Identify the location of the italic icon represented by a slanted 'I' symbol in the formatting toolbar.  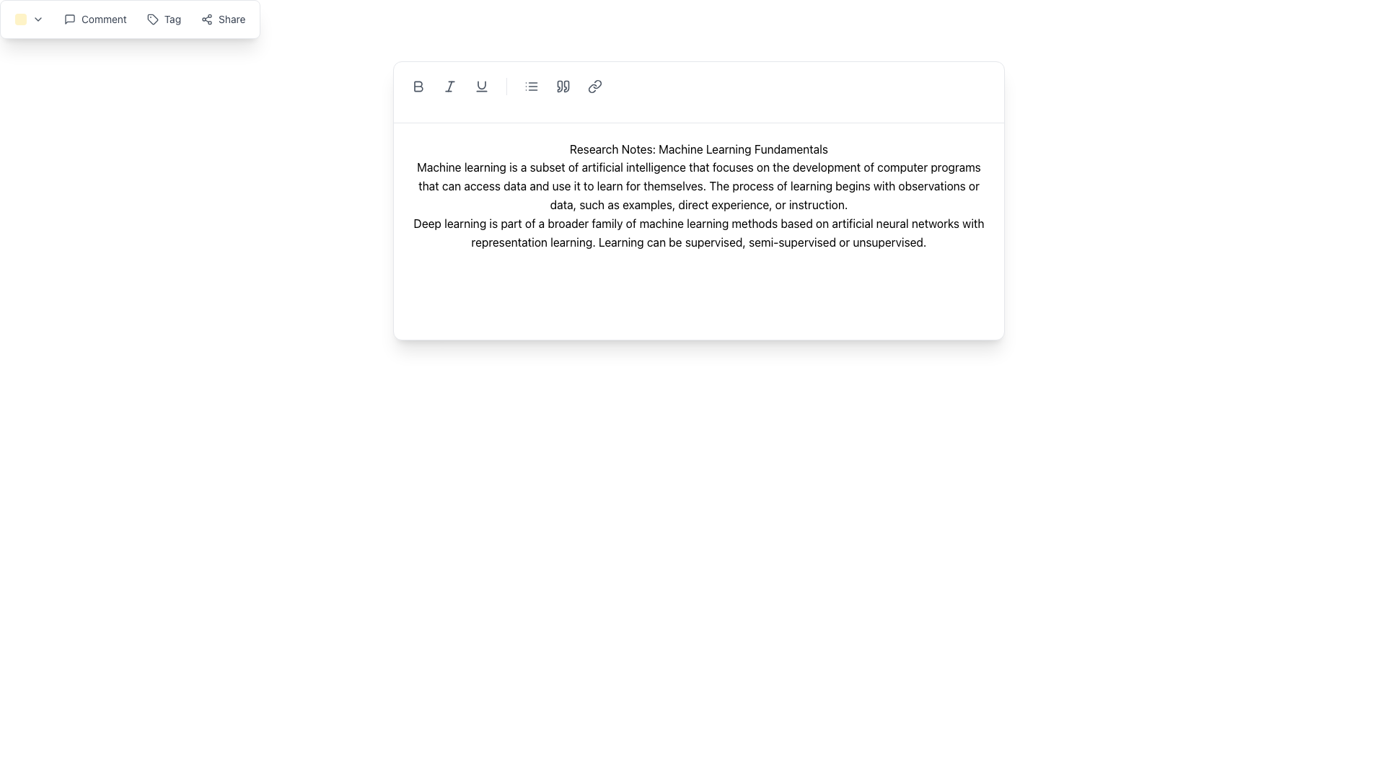
(449, 86).